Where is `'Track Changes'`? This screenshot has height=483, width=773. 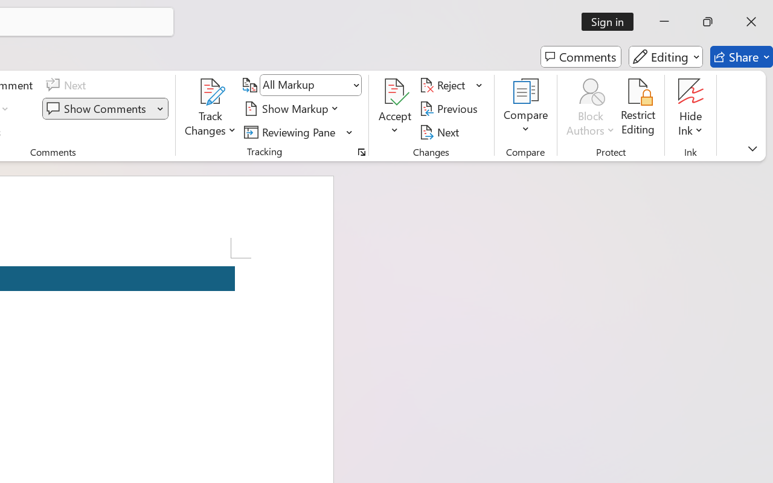 'Track Changes' is located at coordinates (211, 108).